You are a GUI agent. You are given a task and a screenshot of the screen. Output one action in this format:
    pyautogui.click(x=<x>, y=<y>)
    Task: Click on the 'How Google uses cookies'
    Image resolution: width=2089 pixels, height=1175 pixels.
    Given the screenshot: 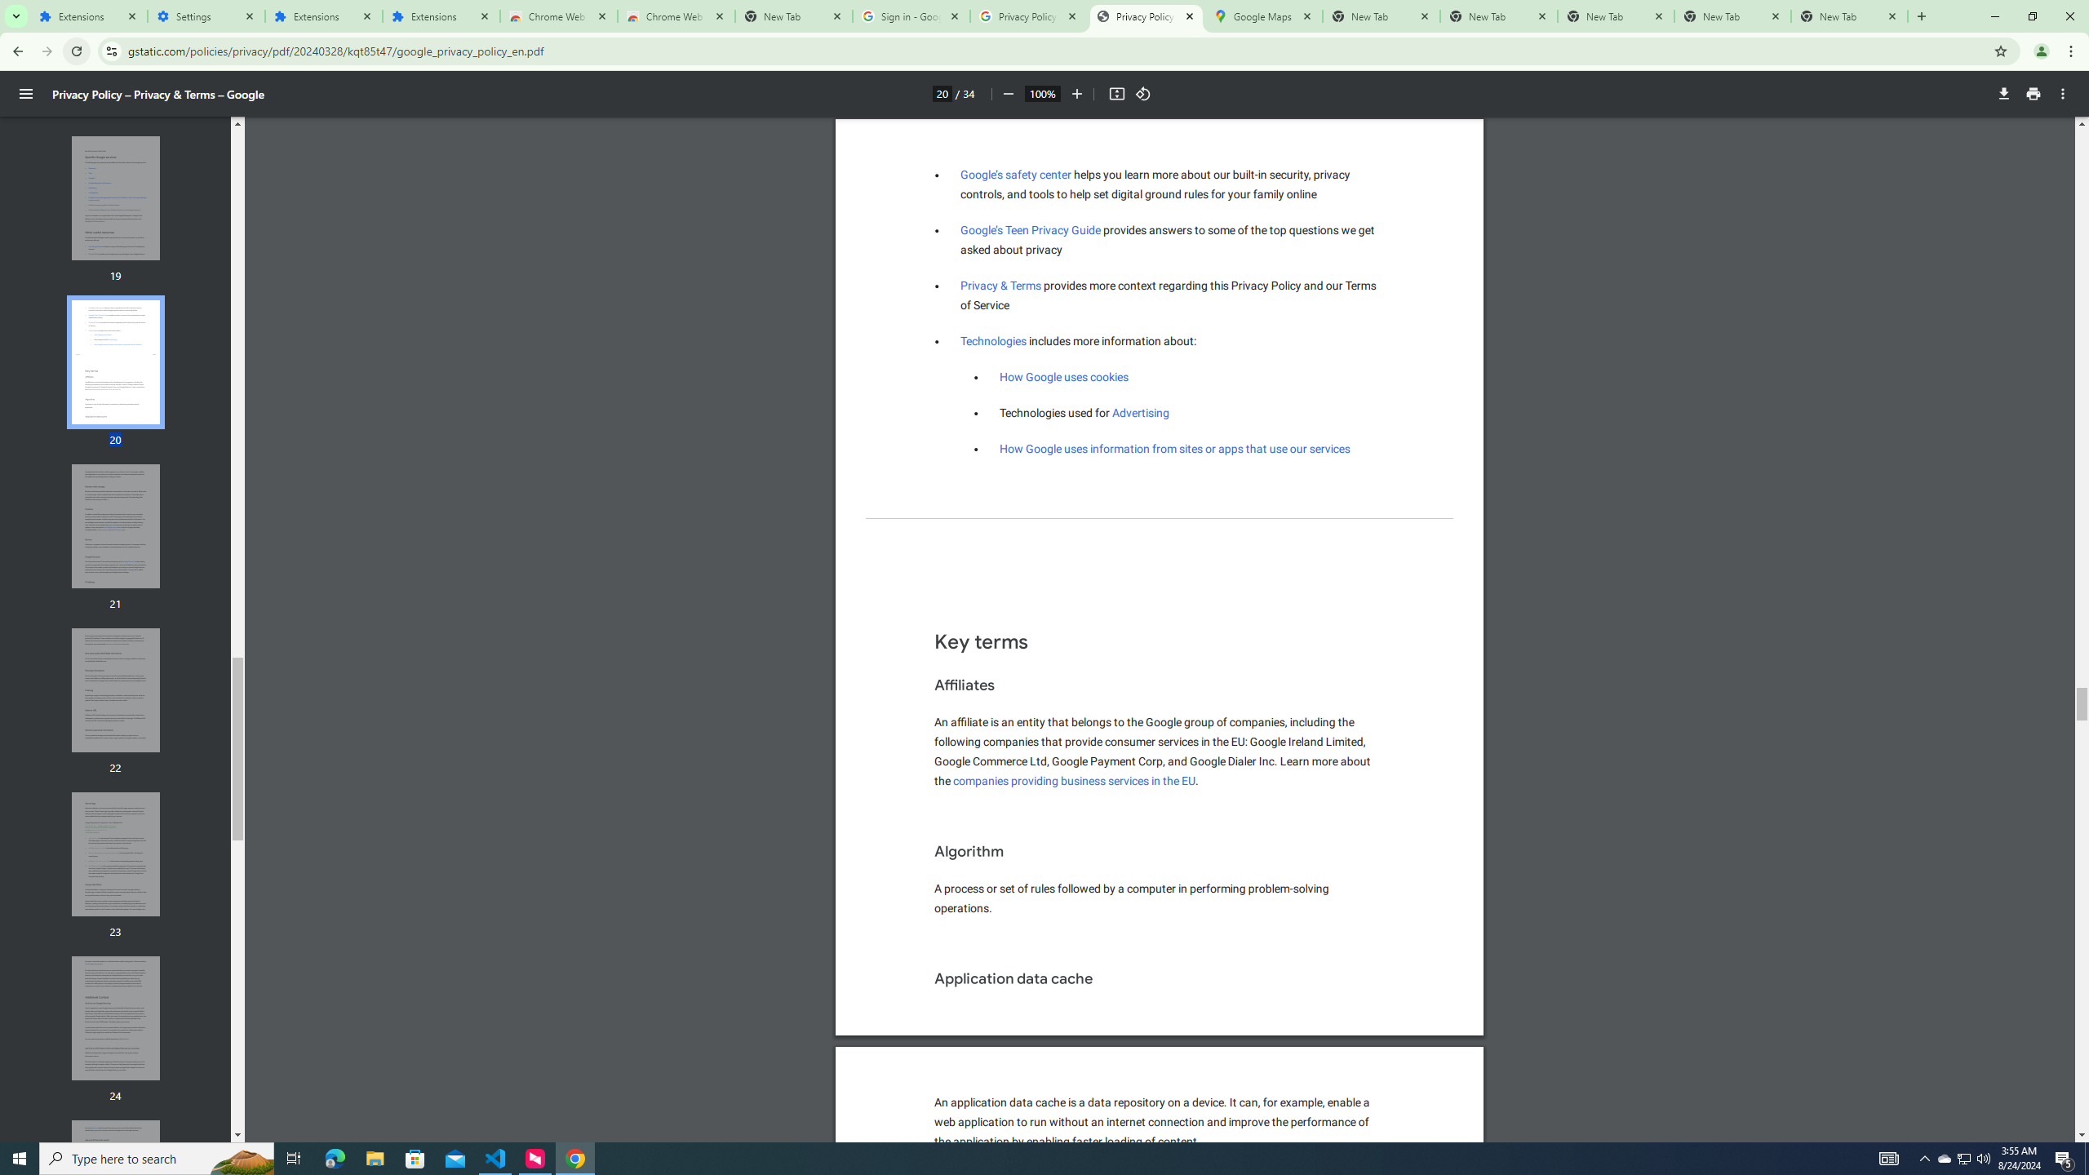 What is the action you would take?
    pyautogui.click(x=1064, y=377)
    